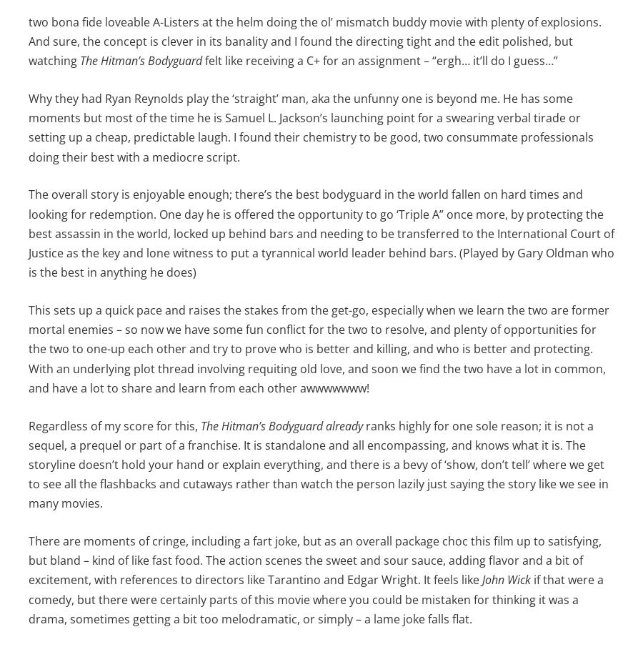  I want to click on 'if that were a comedy, but there were certainly parts of this movie where you could be mistaken for thinking it was a drama, sometimes getting a bit too melodramatic, or simply – a lame joke falls flat.', so click(316, 598).